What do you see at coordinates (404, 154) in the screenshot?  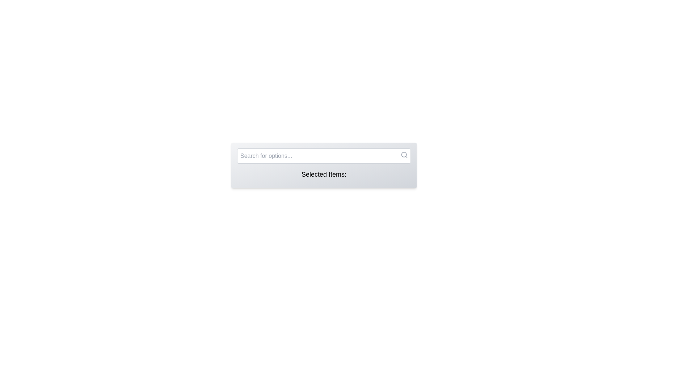 I see `the circular shape that is part of the magnifying glass icon, located in the upper-right corner of the search input field` at bounding box center [404, 154].